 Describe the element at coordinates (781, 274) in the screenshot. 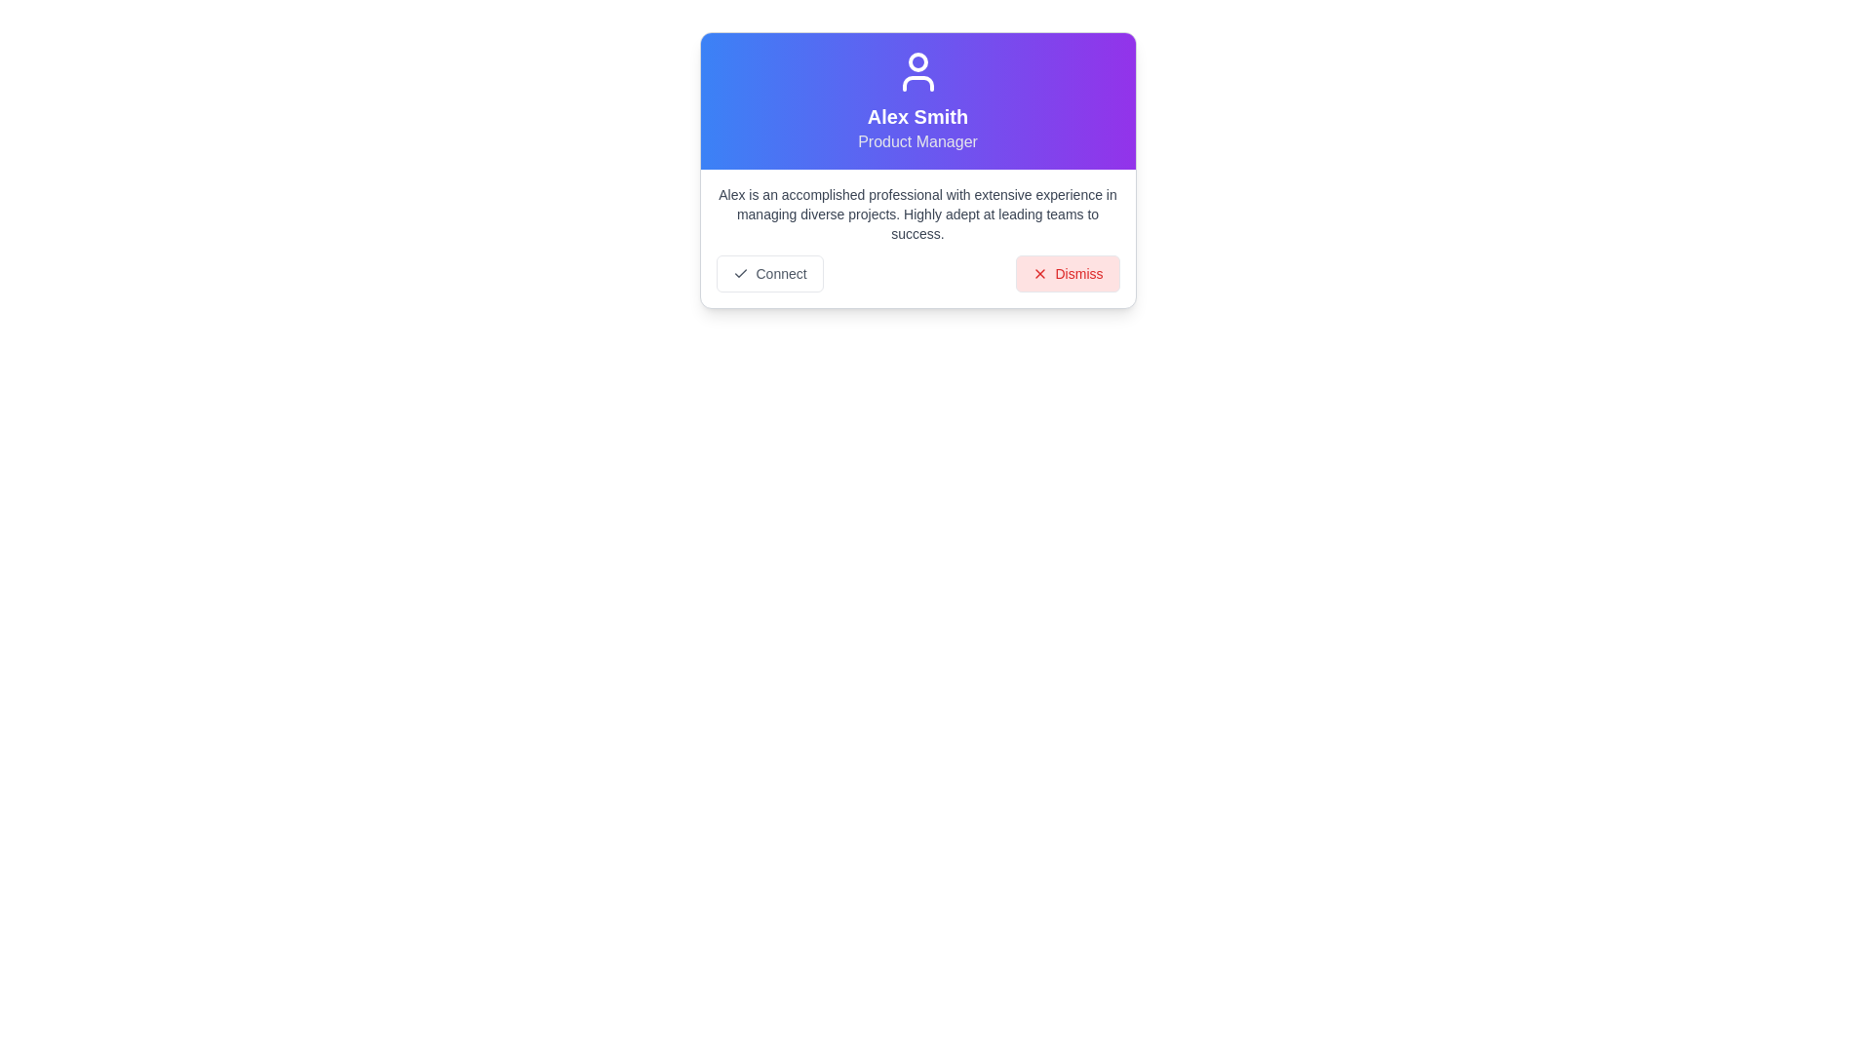

I see `the text label that conveys the action of connecting with the user, located on the left side of the button within the card component` at that location.